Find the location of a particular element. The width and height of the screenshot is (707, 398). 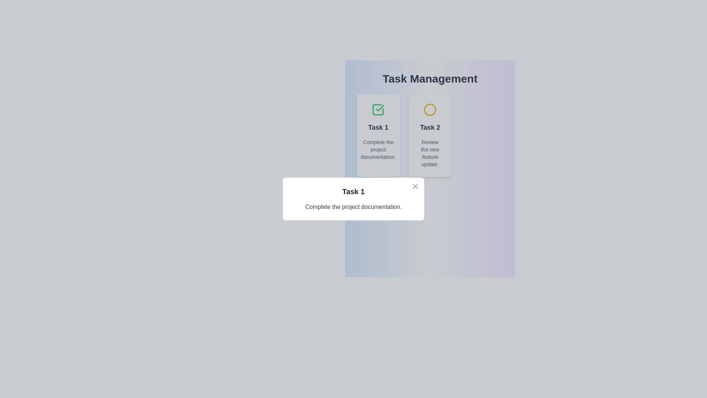

the text label that provides descriptive information about the task, located below 'Task 1' in the task management interface is located at coordinates (378, 149).